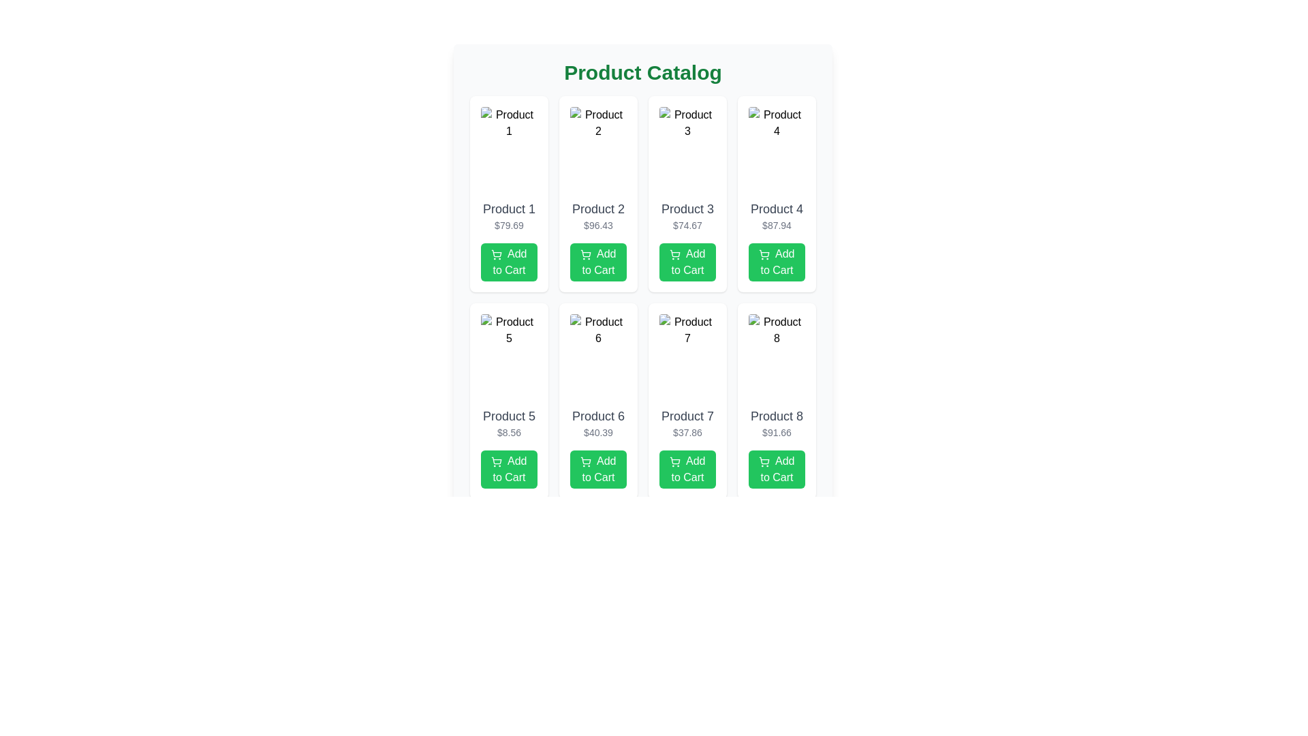  I want to click on the image placeholder displaying 'Product 5' in the product catalog grid, which is part of the description card for 'Product 5', so click(508, 356).